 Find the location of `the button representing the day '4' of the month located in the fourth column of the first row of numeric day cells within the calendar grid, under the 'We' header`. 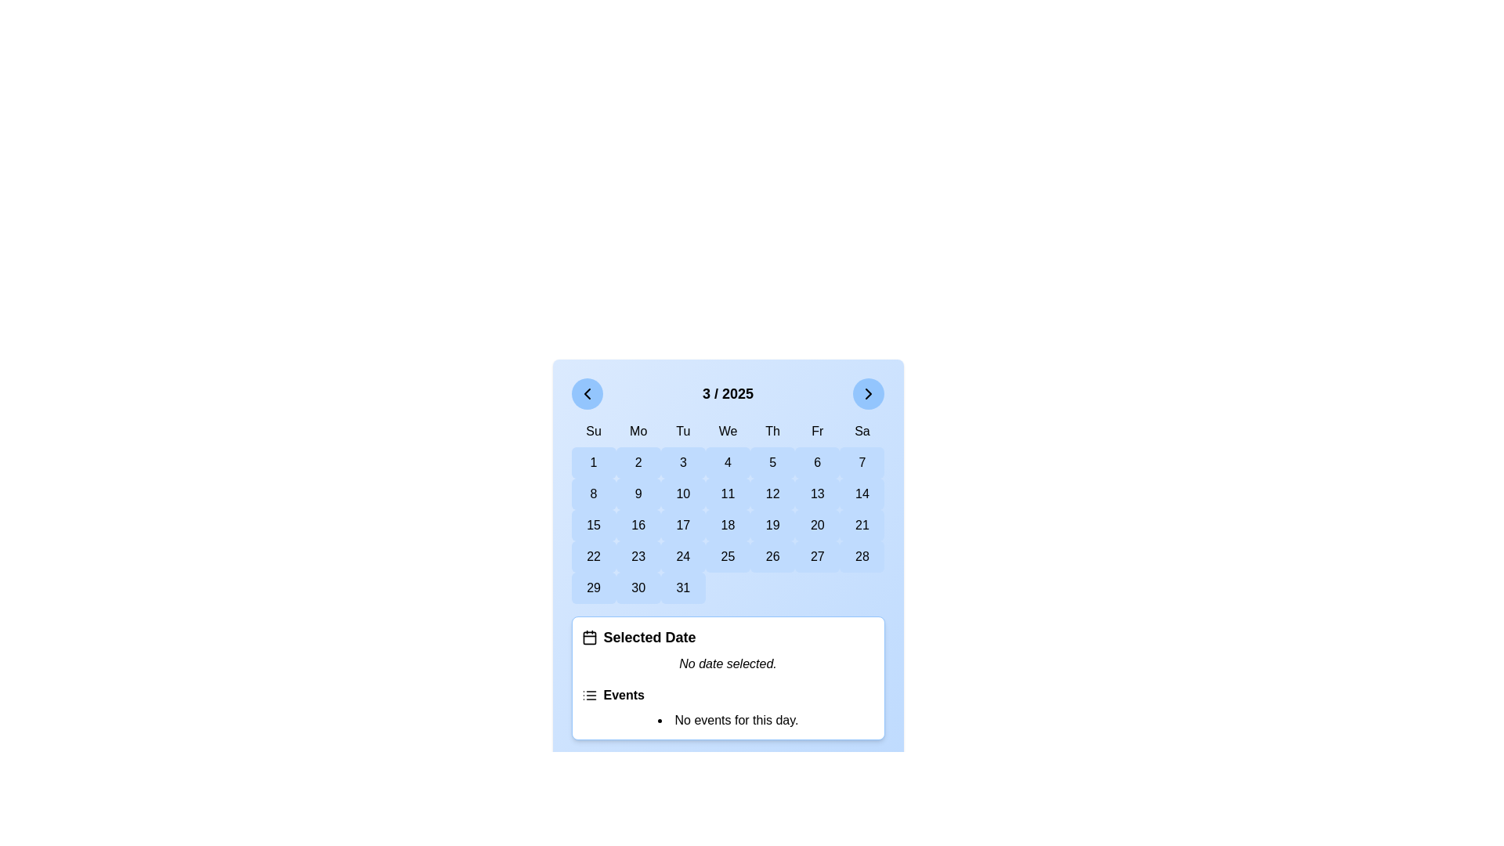

the button representing the day '4' of the month located in the fourth column of the first row of numeric day cells within the calendar grid, under the 'We' header is located at coordinates (727, 461).